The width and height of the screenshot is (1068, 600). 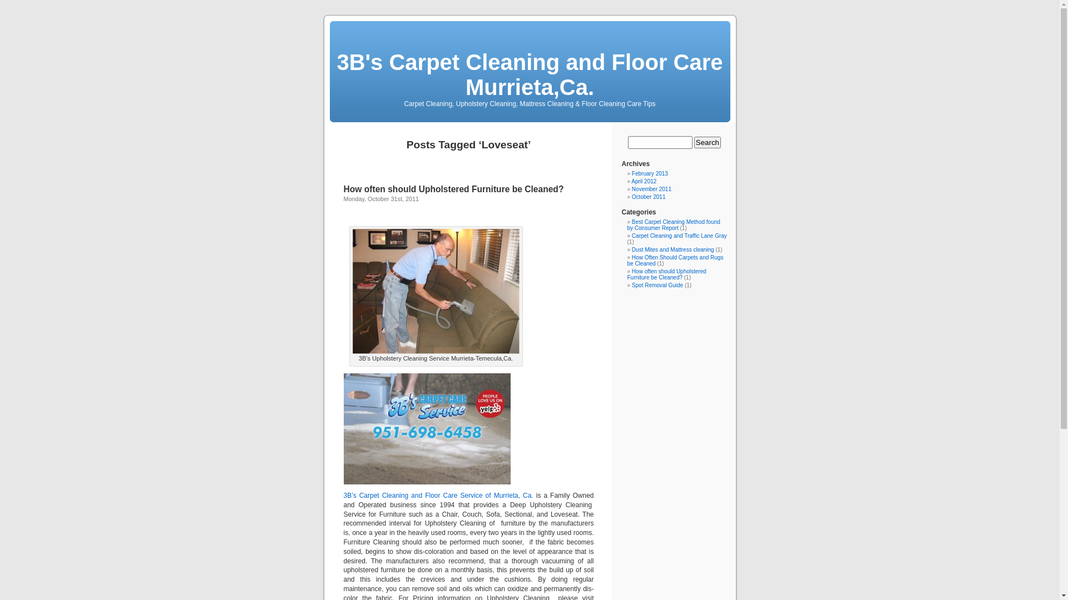 What do you see at coordinates (672, 249) in the screenshot?
I see `'Dust Mites and Mattress cleaning'` at bounding box center [672, 249].